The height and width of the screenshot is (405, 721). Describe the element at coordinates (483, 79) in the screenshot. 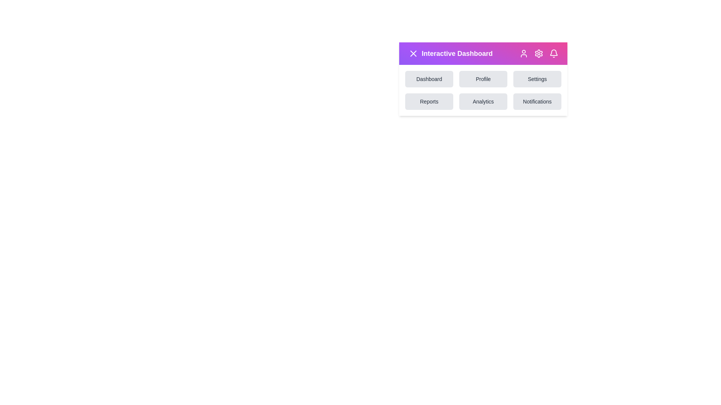

I see `the option Profile from the menu grid` at that location.